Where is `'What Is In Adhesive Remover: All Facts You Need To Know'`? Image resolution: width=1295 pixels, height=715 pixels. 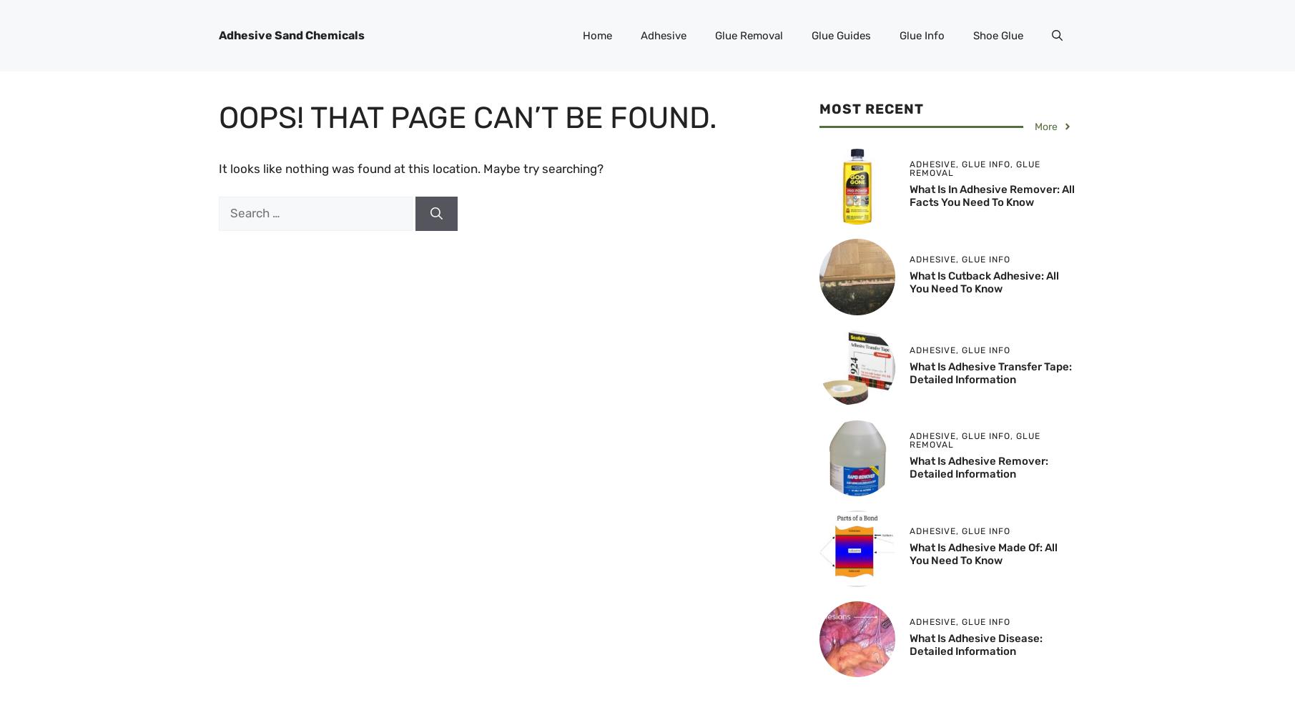 'What Is In Adhesive Remover: All Facts You Need To Know' is located at coordinates (991, 196).